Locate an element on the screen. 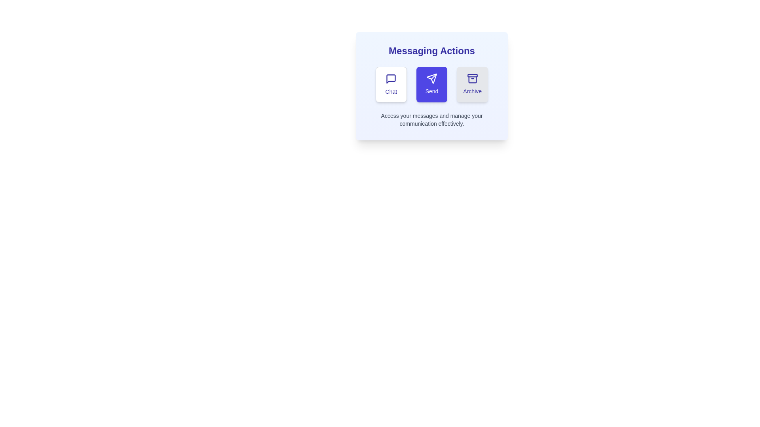 The width and height of the screenshot is (760, 427). the small graphical icon resembling a paper plane or arrow within the blue square background, representing the 'Send' action in the 'Messaging Actions' card is located at coordinates (431, 79).